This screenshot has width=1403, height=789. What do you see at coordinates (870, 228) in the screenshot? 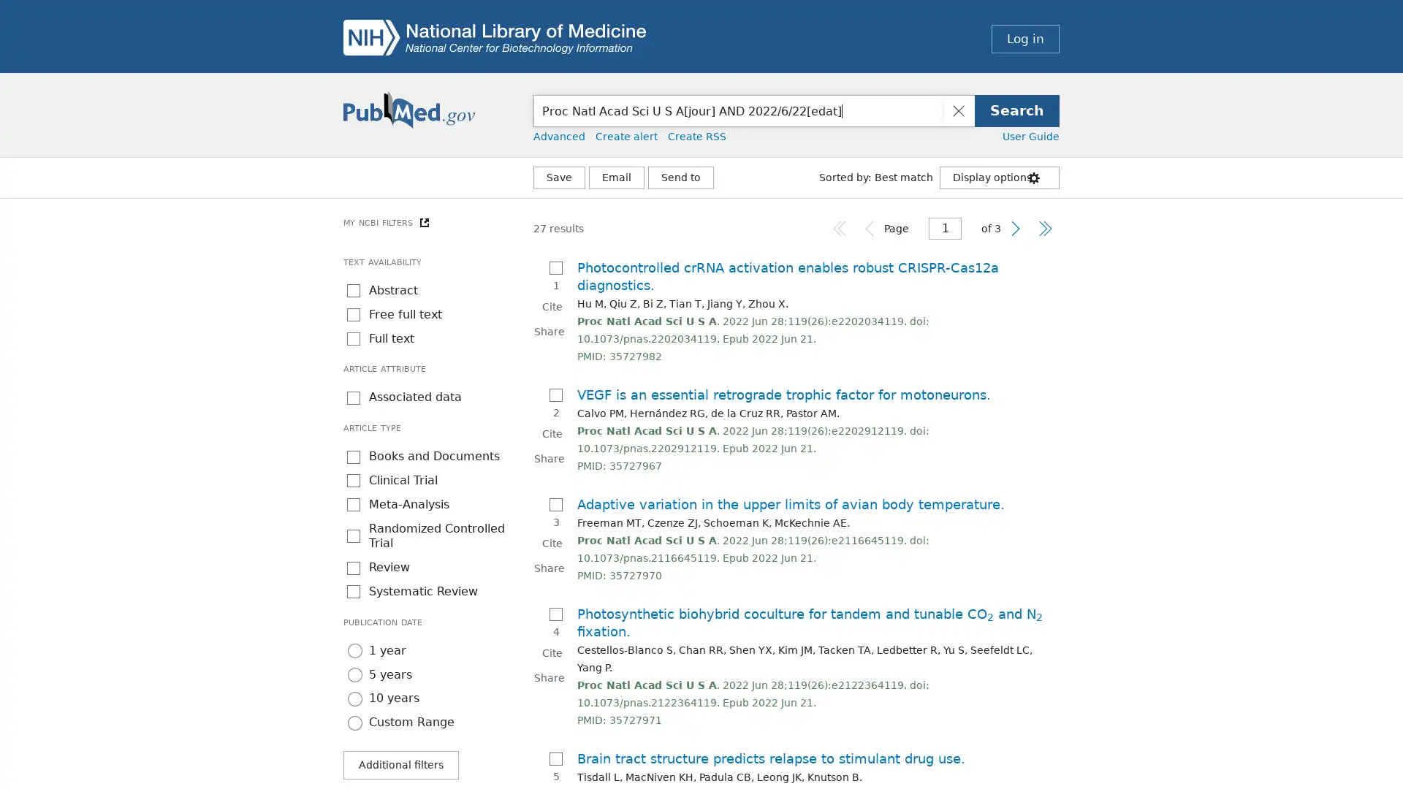
I see `Navigates to the previous page of results.` at bounding box center [870, 228].